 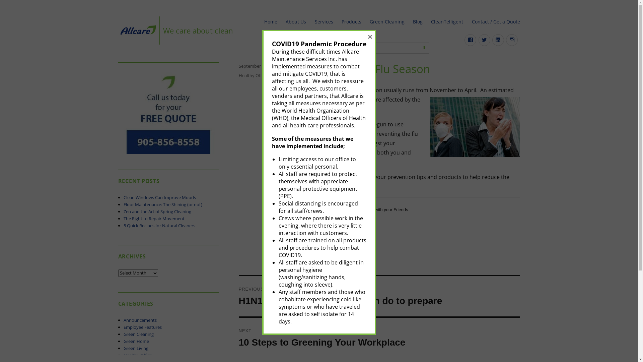 What do you see at coordinates (418, 21) in the screenshot?
I see `'Blog'` at bounding box center [418, 21].